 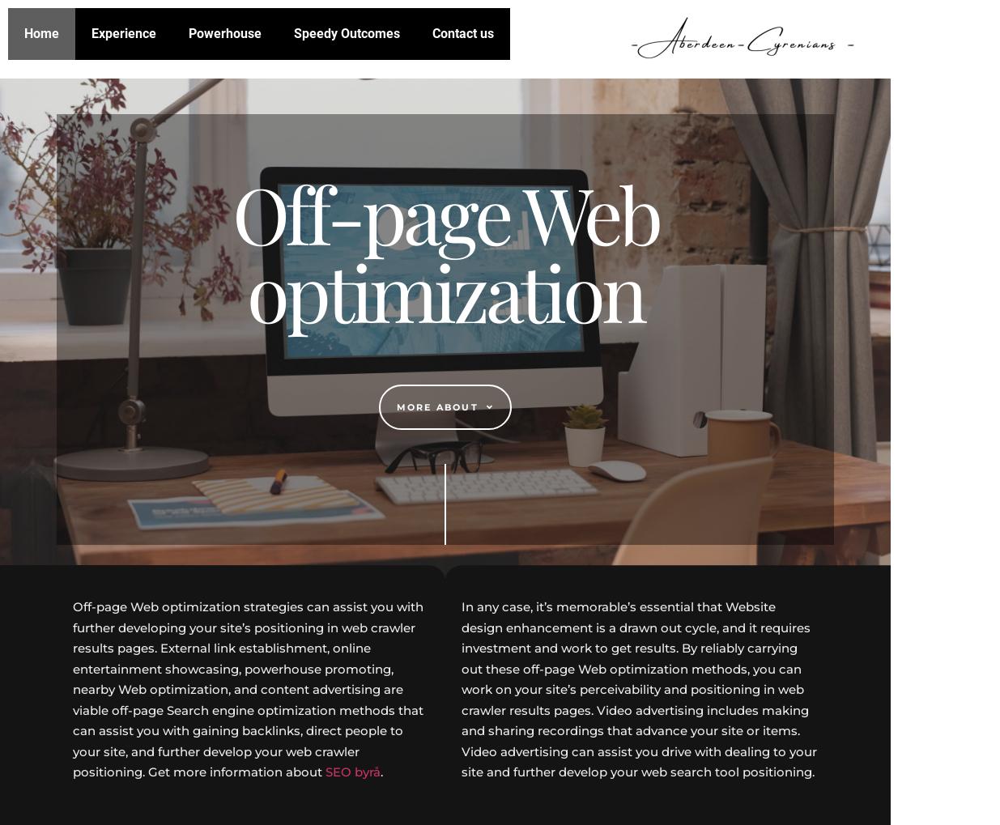 I want to click on 'Home', so click(x=40, y=32).